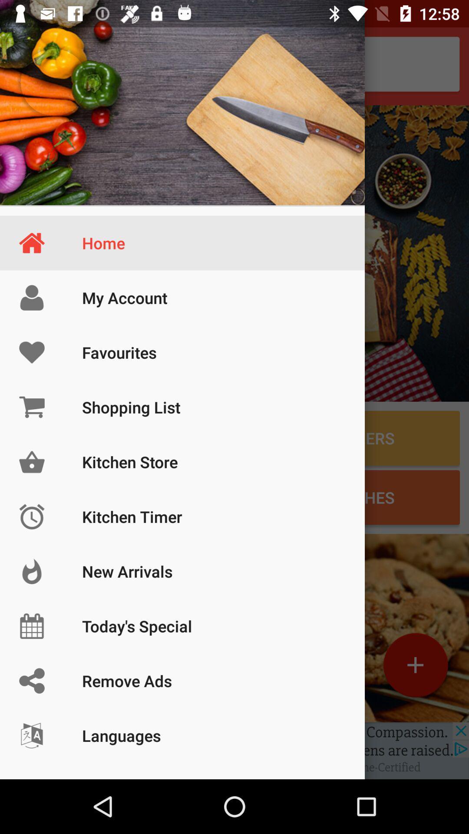  What do you see at coordinates (415, 668) in the screenshot?
I see `the add icon` at bounding box center [415, 668].